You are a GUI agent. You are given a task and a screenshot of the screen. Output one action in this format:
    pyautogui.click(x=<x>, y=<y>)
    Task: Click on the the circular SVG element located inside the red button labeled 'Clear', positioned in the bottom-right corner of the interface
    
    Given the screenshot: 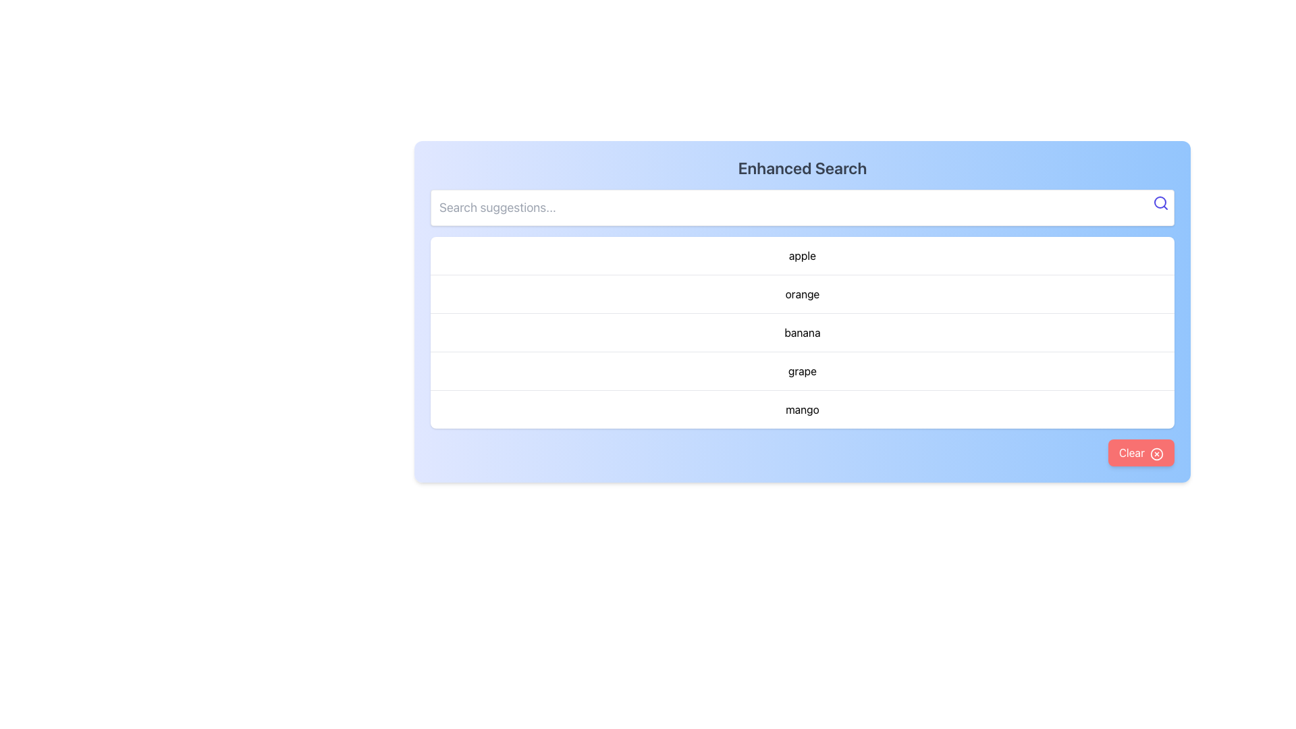 What is the action you would take?
    pyautogui.click(x=1156, y=453)
    